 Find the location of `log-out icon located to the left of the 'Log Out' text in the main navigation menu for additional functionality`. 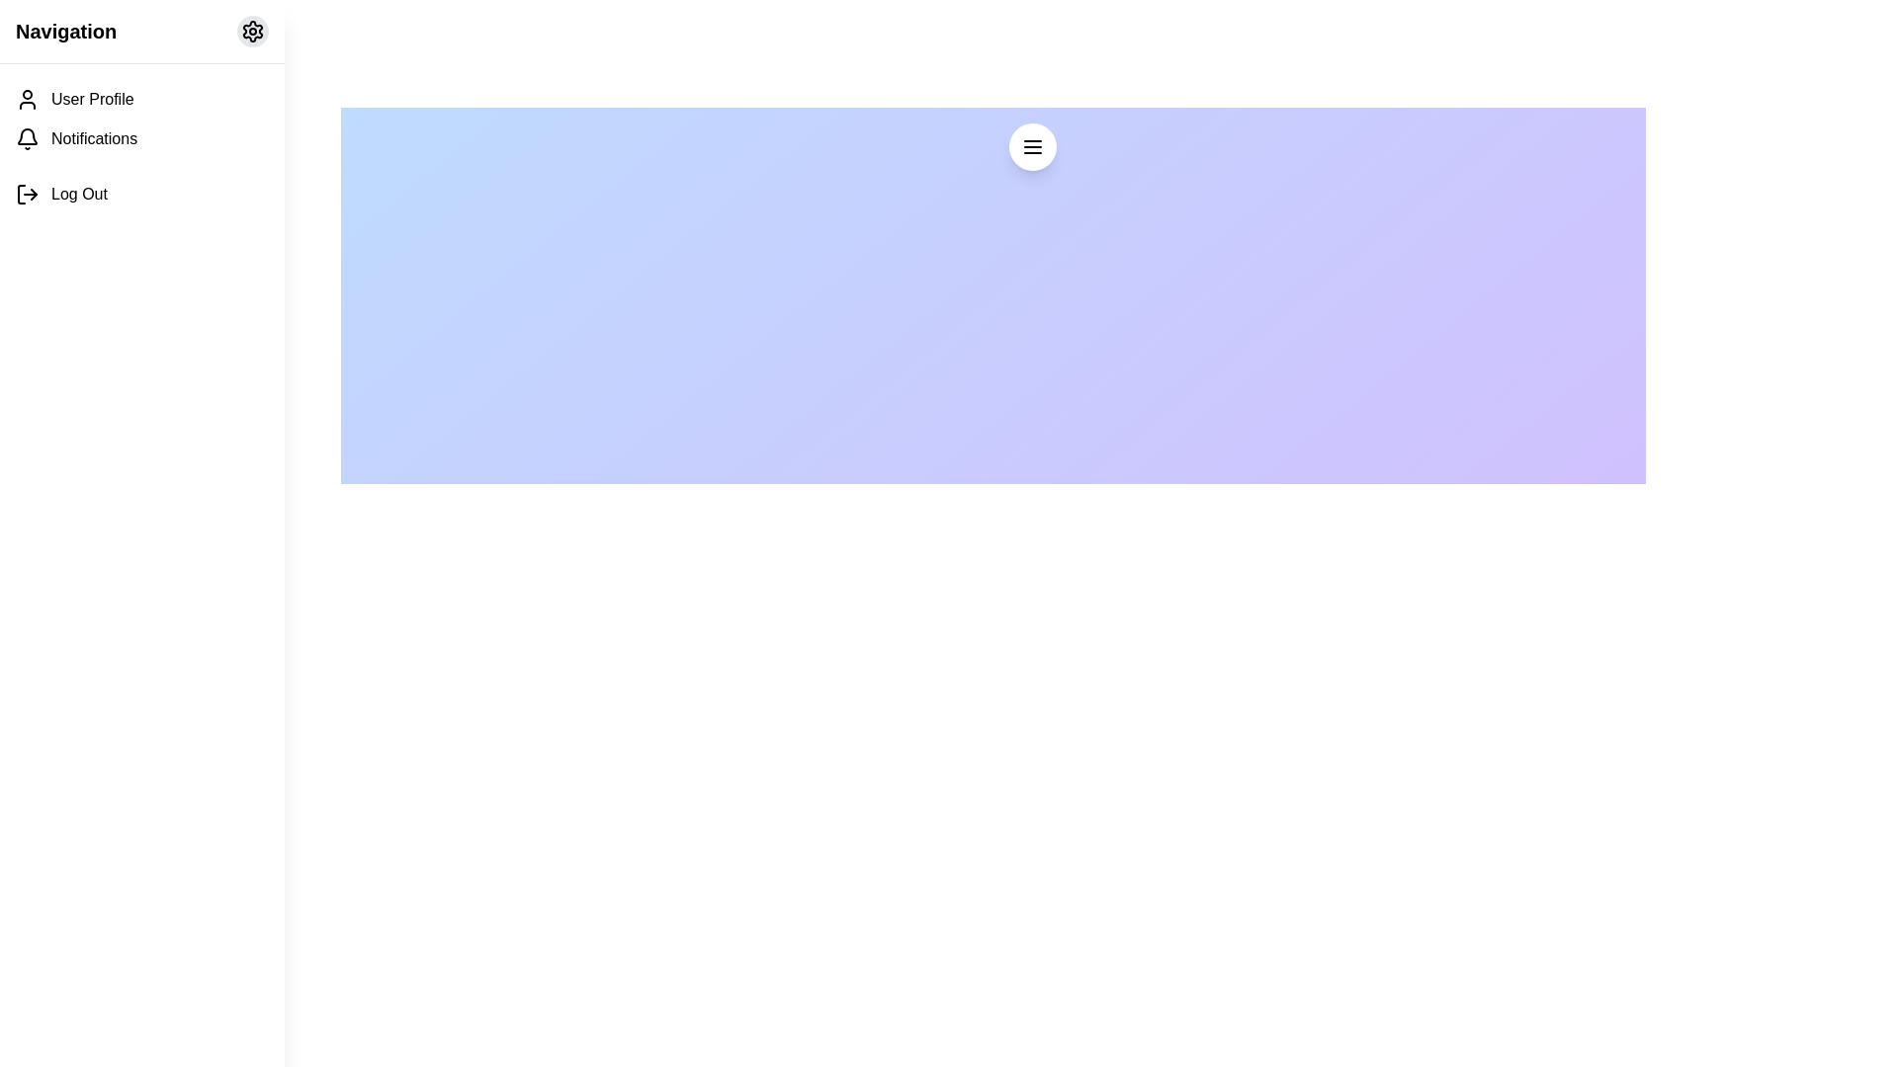

log-out icon located to the left of the 'Log Out' text in the main navigation menu for additional functionality is located at coordinates (28, 194).